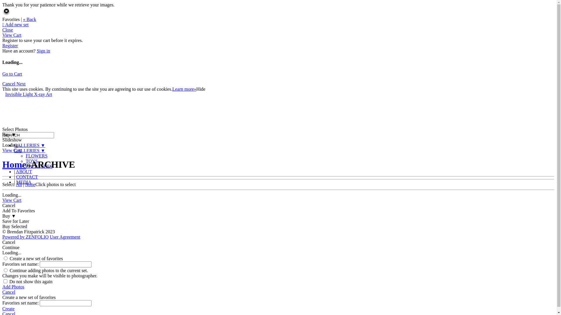  What do you see at coordinates (28, 94) in the screenshot?
I see `'Invisible Light X-ray Art'` at bounding box center [28, 94].